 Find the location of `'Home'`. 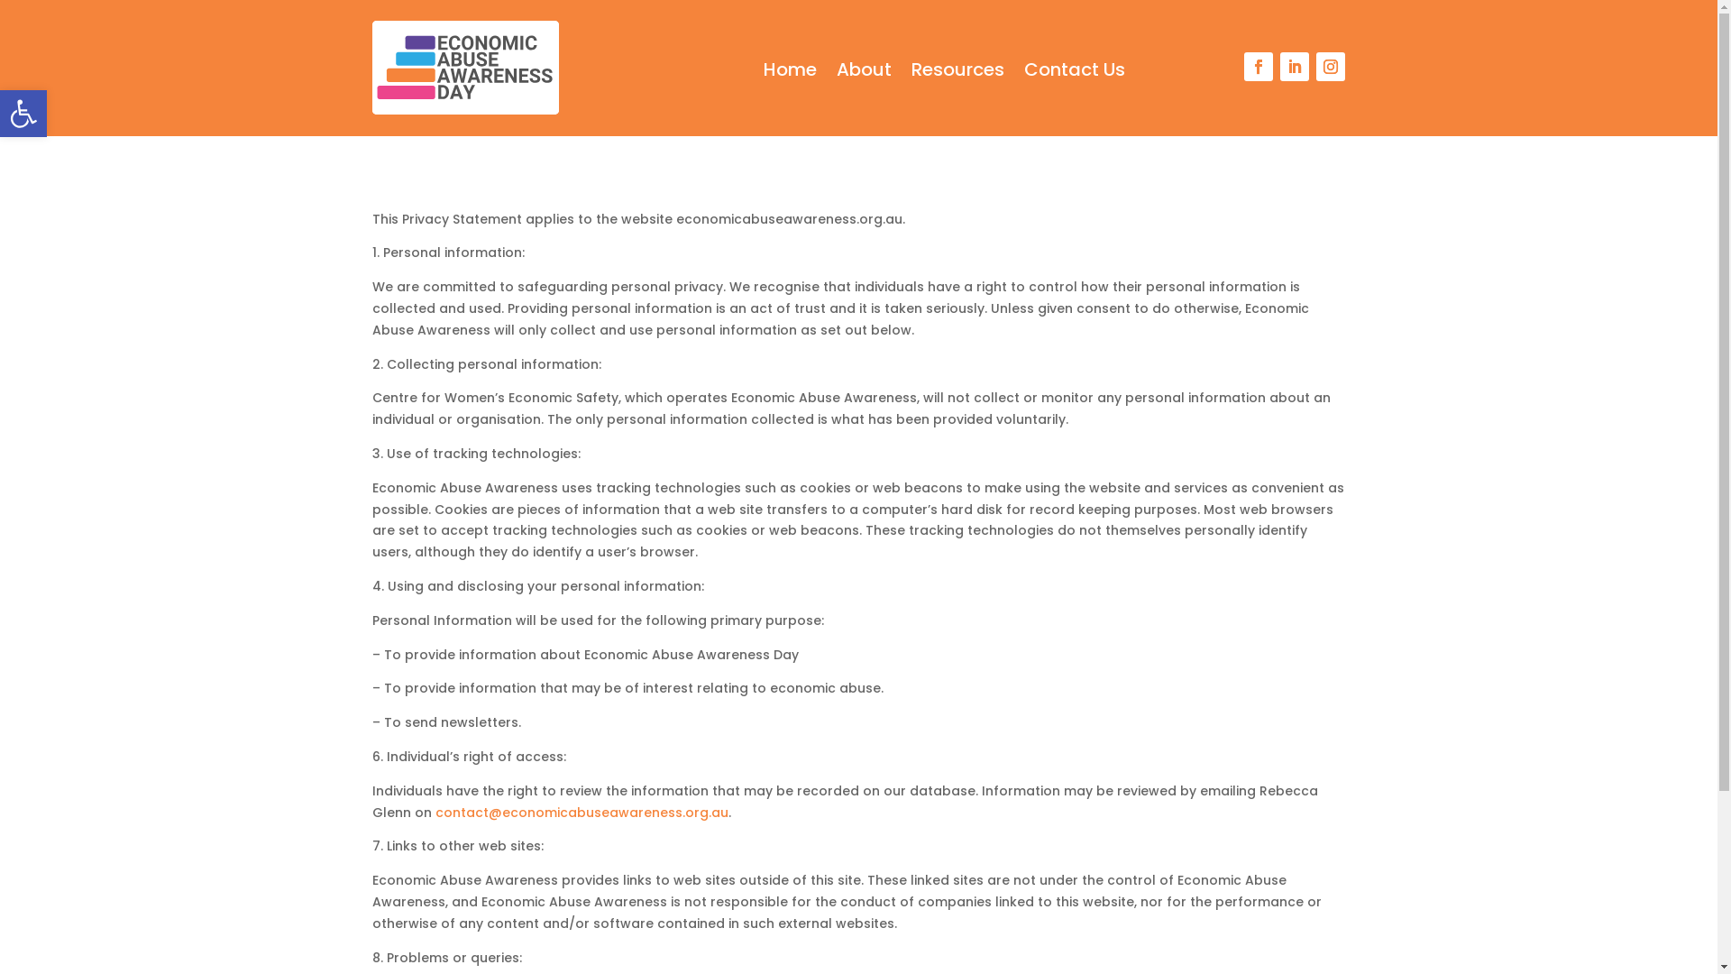

'Home' is located at coordinates (790, 72).